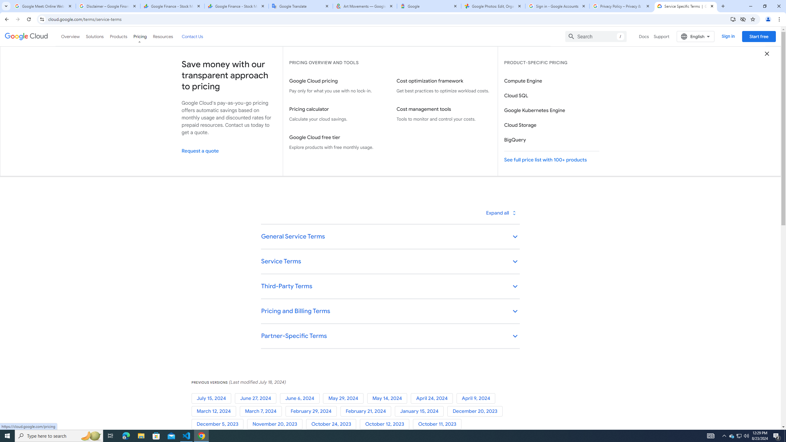 The height and width of the screenshot is (442, 786). Describe the element at coordinates (367, 411) in the screenshot. I see `'February 21, 2024'` at that location.